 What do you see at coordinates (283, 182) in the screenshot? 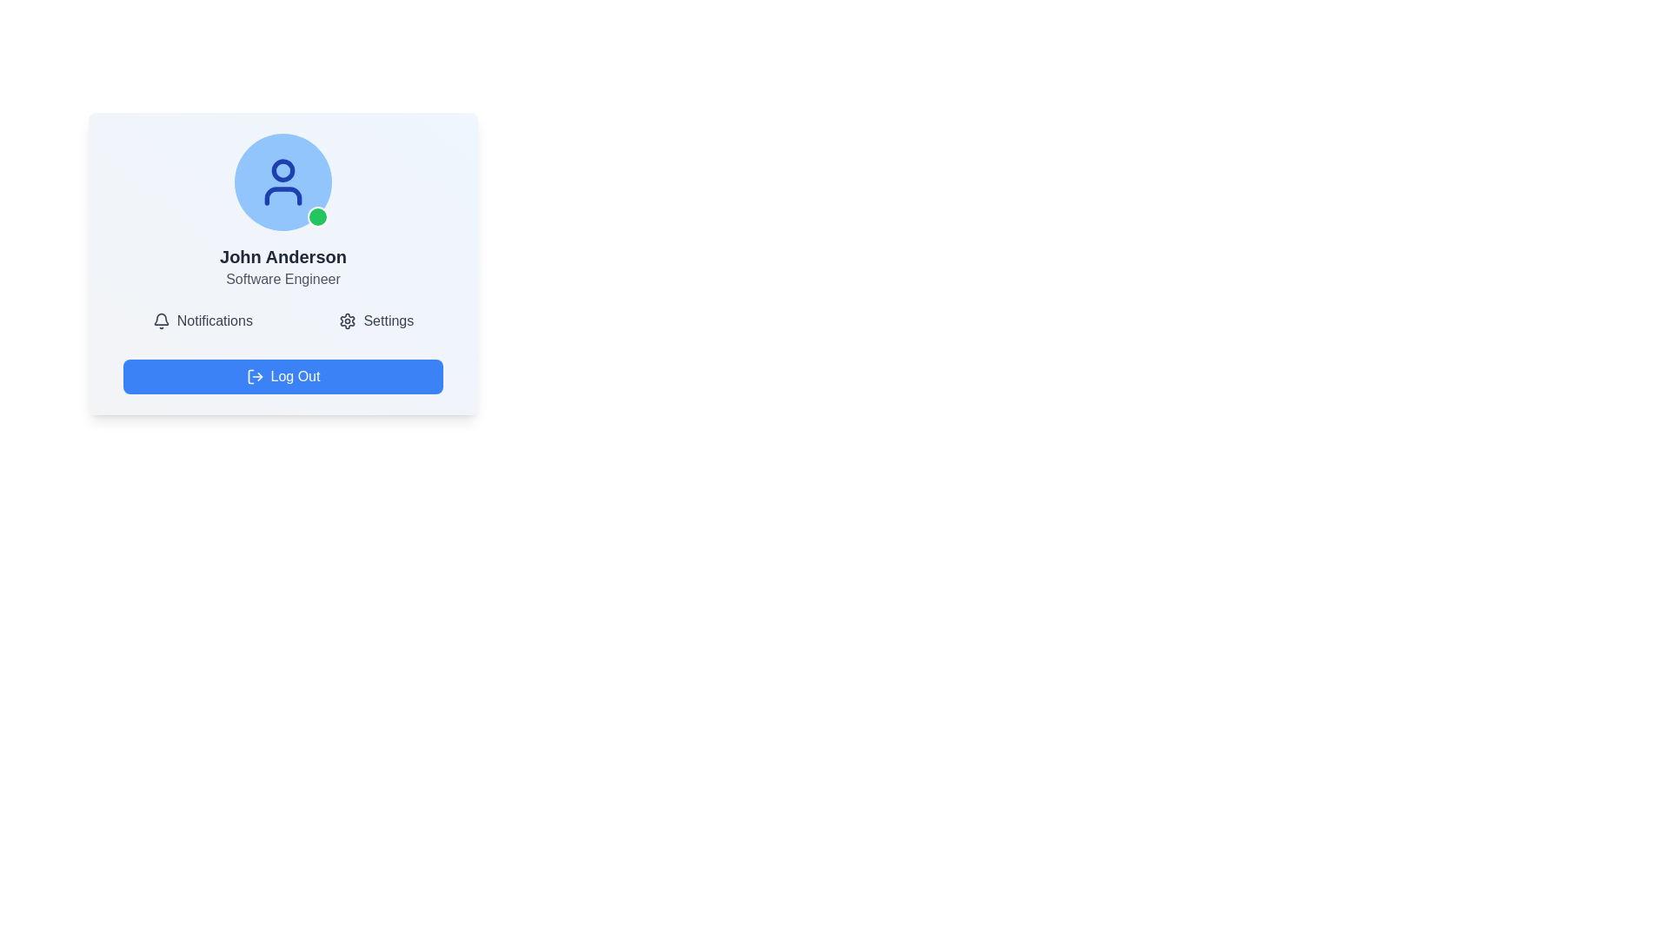
I see `the user avatar placeholder with a blue background and a green status indicator located above 'John Anderson' and 'Software Engineer'` at bounding box center [283, 182].